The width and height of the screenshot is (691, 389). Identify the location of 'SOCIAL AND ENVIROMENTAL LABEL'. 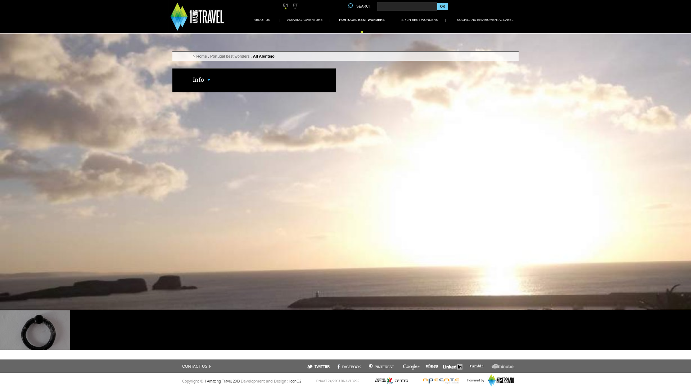
(485, 20).